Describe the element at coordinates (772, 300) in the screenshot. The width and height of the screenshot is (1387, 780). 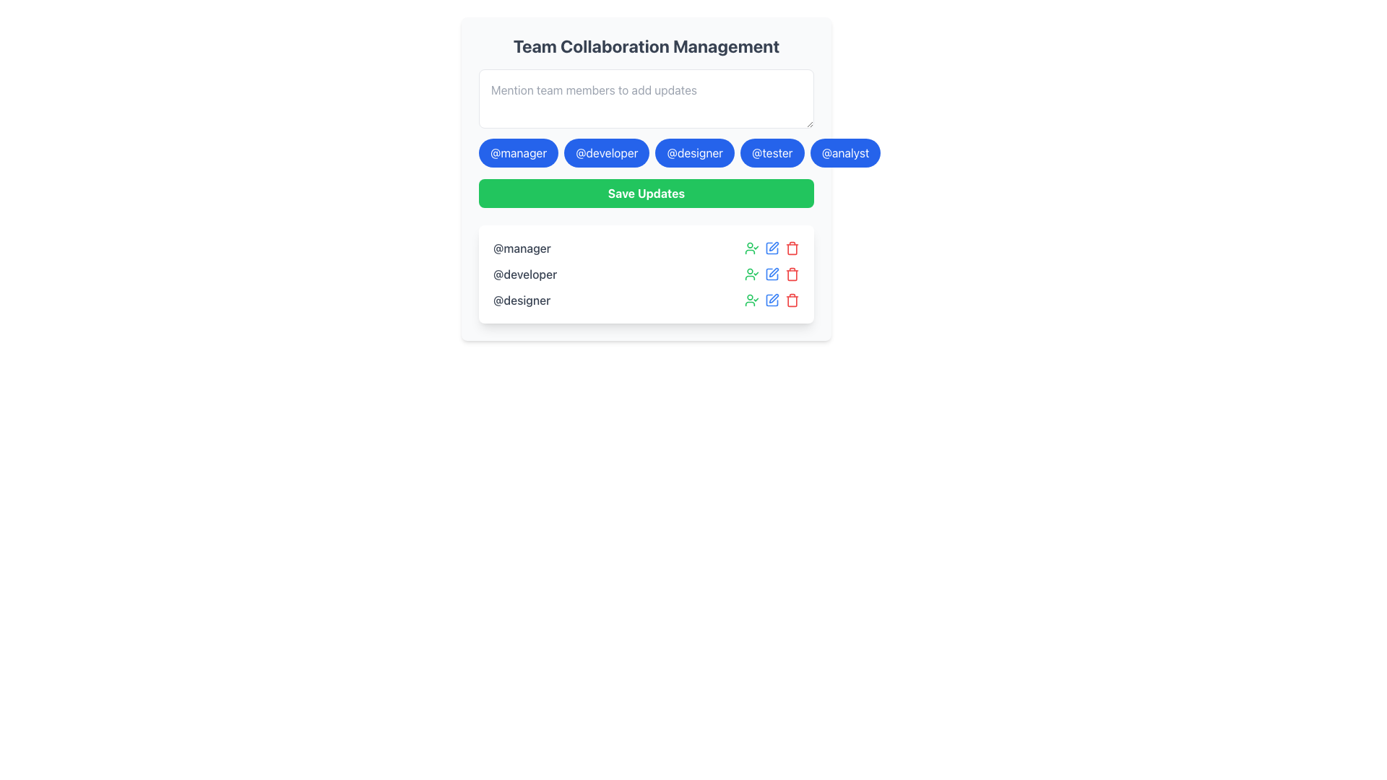
I see `the editing button, which is the second icon in a row of three on the right side of the third user entry in a list` at that location.